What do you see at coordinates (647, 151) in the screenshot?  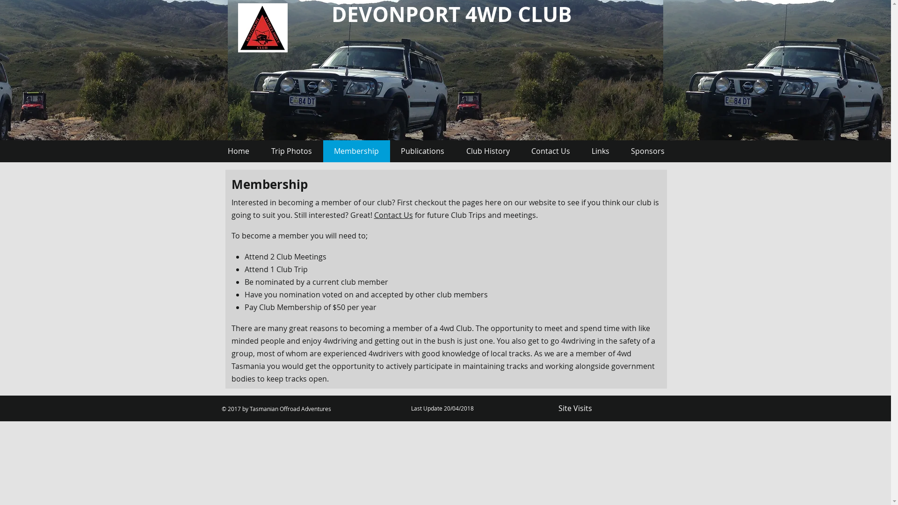 I see `'Sponsors'` at bounding box center [647, 151].